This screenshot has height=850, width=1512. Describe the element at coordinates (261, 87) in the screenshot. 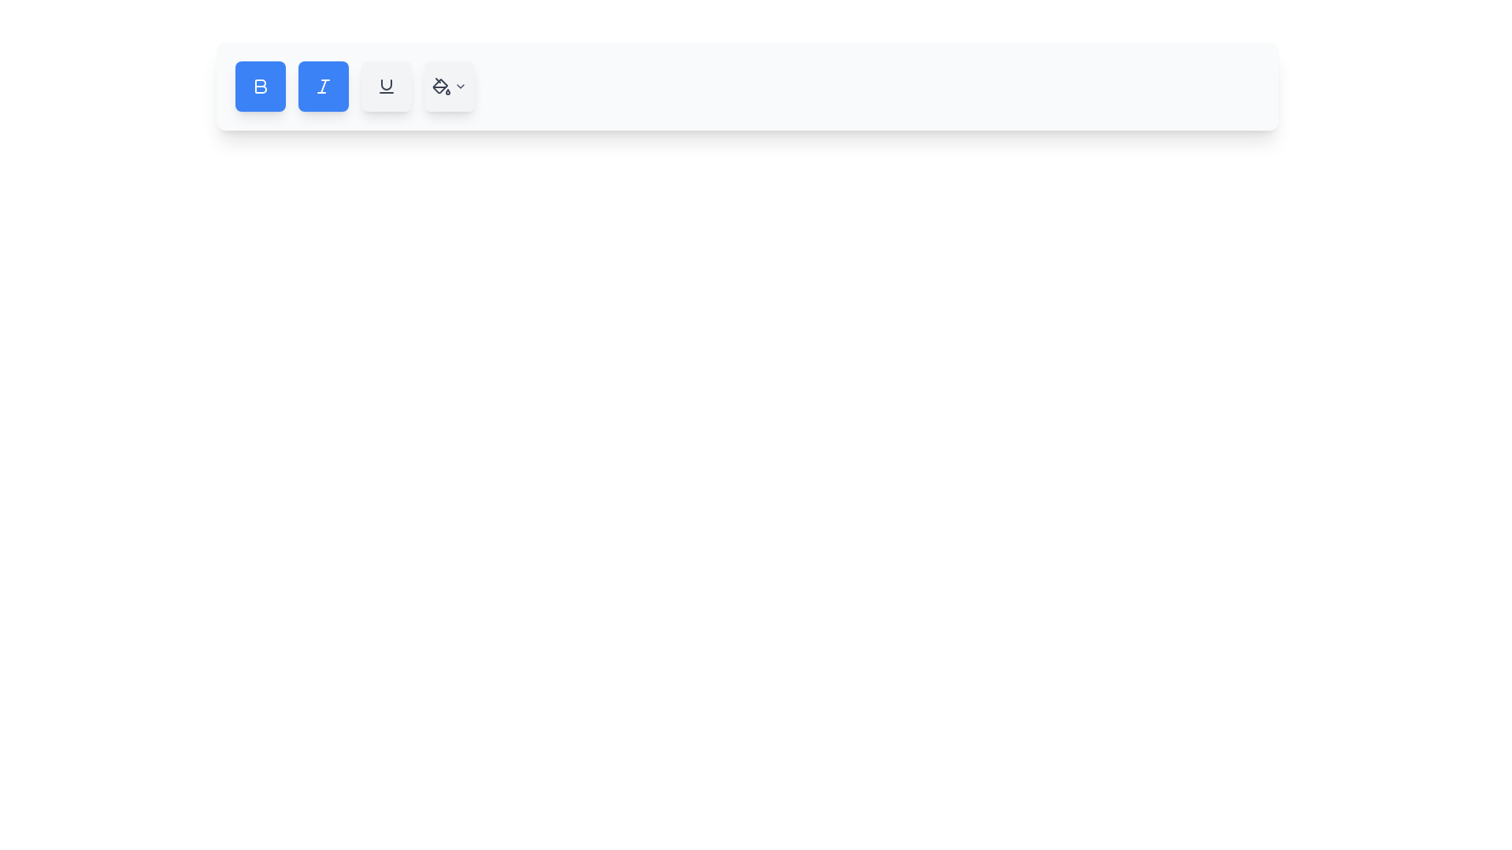

I see `the blue square button with a white 'B' icon` at that location.